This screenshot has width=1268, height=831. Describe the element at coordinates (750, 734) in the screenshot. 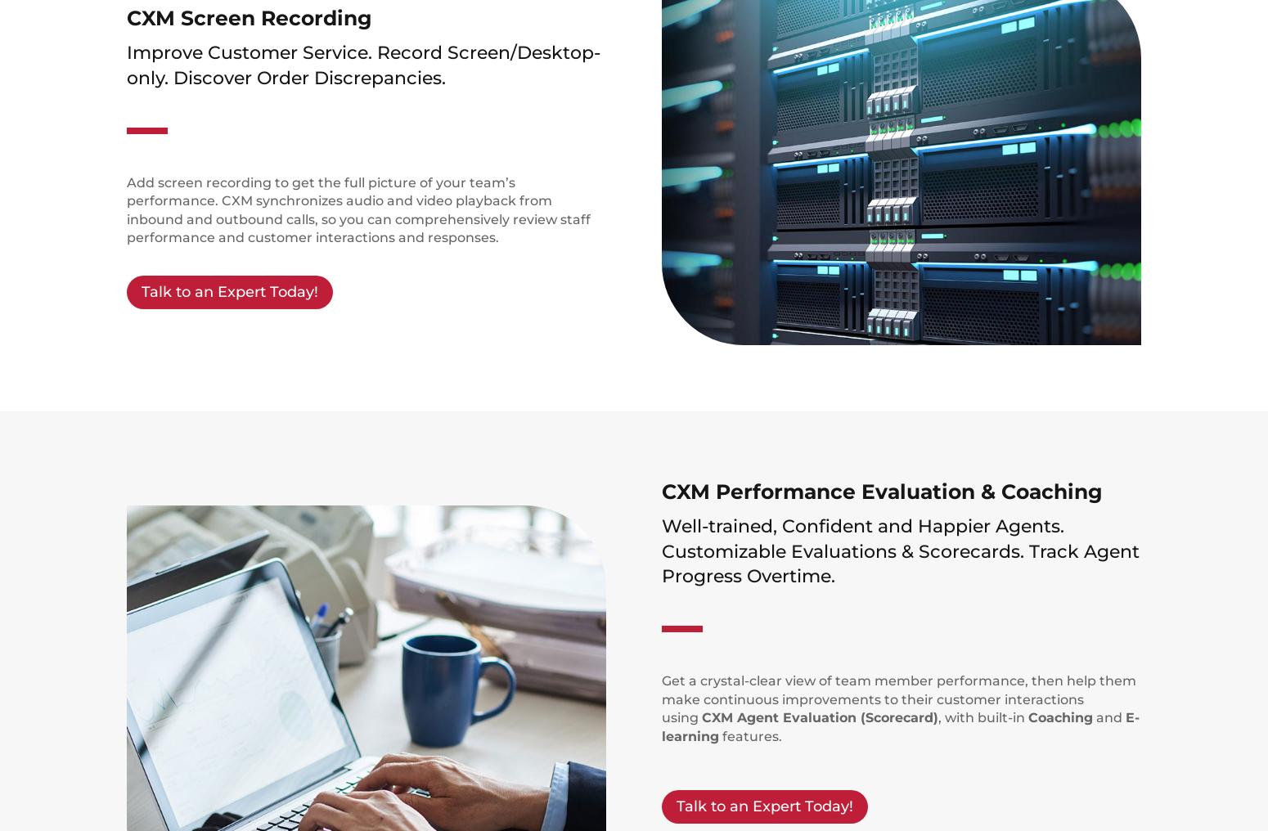

I see `'features.'` at that location.